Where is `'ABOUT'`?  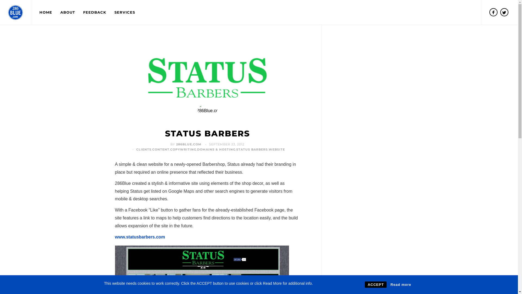 'ABOUT' is located at coordinates (67, 12).